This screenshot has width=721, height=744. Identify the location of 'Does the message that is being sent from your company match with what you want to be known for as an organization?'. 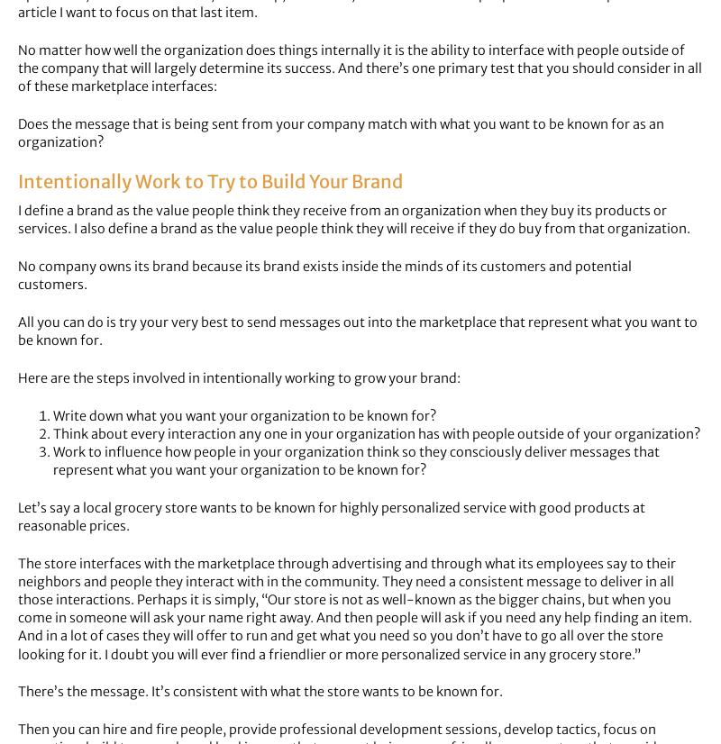
(340, 133).